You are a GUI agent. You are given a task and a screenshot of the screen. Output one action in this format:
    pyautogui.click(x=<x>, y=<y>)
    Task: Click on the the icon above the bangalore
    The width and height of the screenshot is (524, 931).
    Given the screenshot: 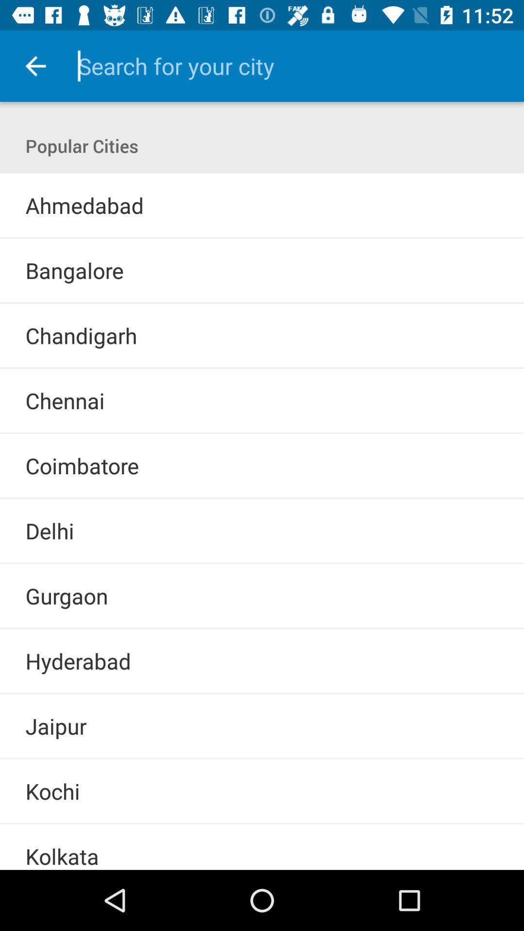 What is the action you would take?
    pyautogui.click(x=262, y=238)
    